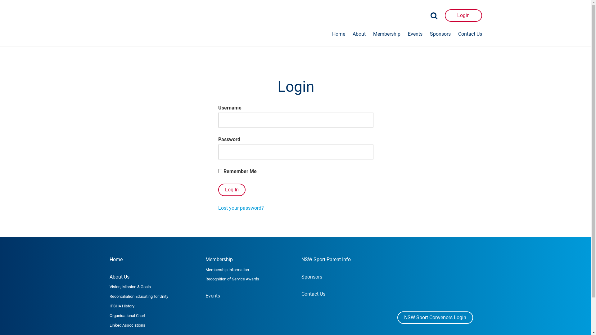 Image resolution: width=596 pixels, height=335 pixels. What do you see at coordinates (231, 190) in the screenshot?
I see `'Log In'` at bounding box center [231, 190].